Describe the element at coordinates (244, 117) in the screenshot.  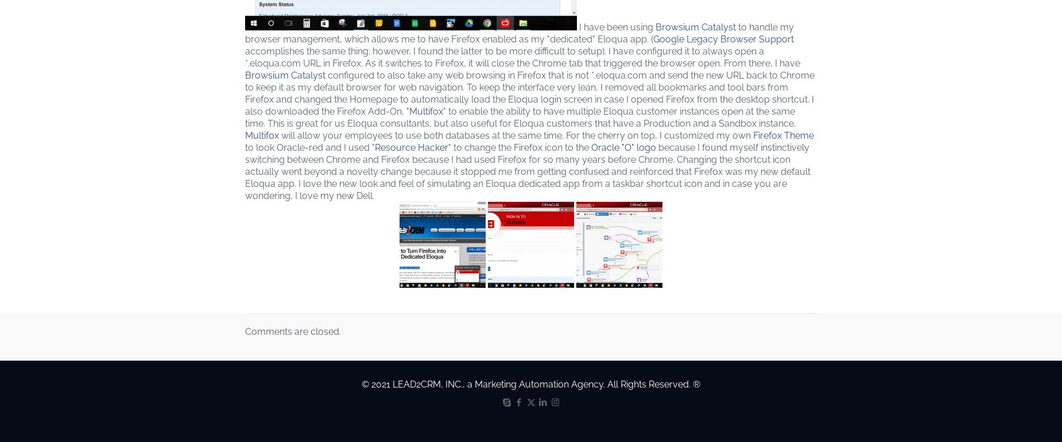
I see `'" to enable the ability to have multiple Eloqua customer instances open at the same time. This is great for us Eloqua consultants, but also useful for Eloqua customers that have a Production and a Sandbox instance.'` at that location.